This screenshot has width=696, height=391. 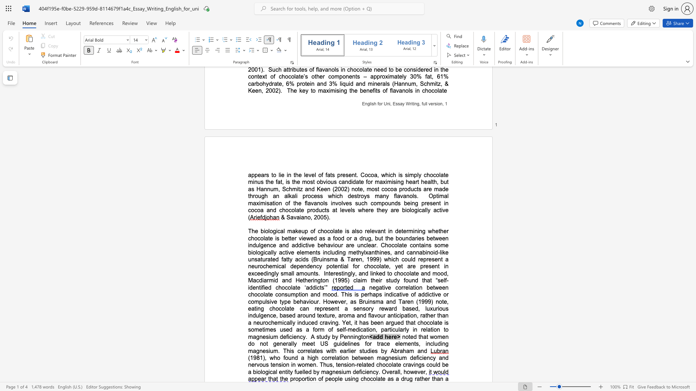 What do you see at coordinates (253, 350) in the screenshot?
I see `the subset text "agnesium. This correlates with earlier studies by A" within the text "US guidelines for trace elements, including magnesium. This correlates with earlier studies by Abraham and"` at bounding box center [253, 350].